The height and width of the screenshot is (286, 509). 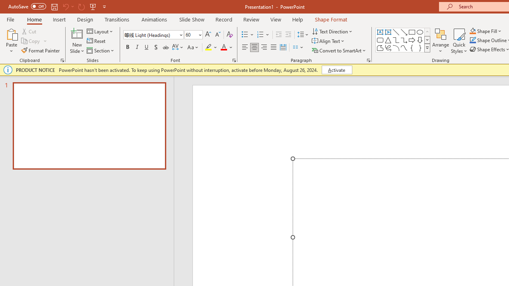 I want to click on 'Animations', so click(x=154, y=19).